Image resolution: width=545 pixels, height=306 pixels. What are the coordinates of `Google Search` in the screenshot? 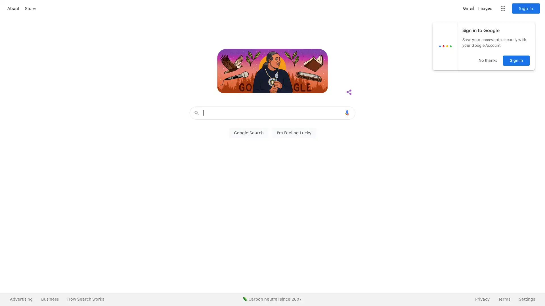 It's located at (248, 133).